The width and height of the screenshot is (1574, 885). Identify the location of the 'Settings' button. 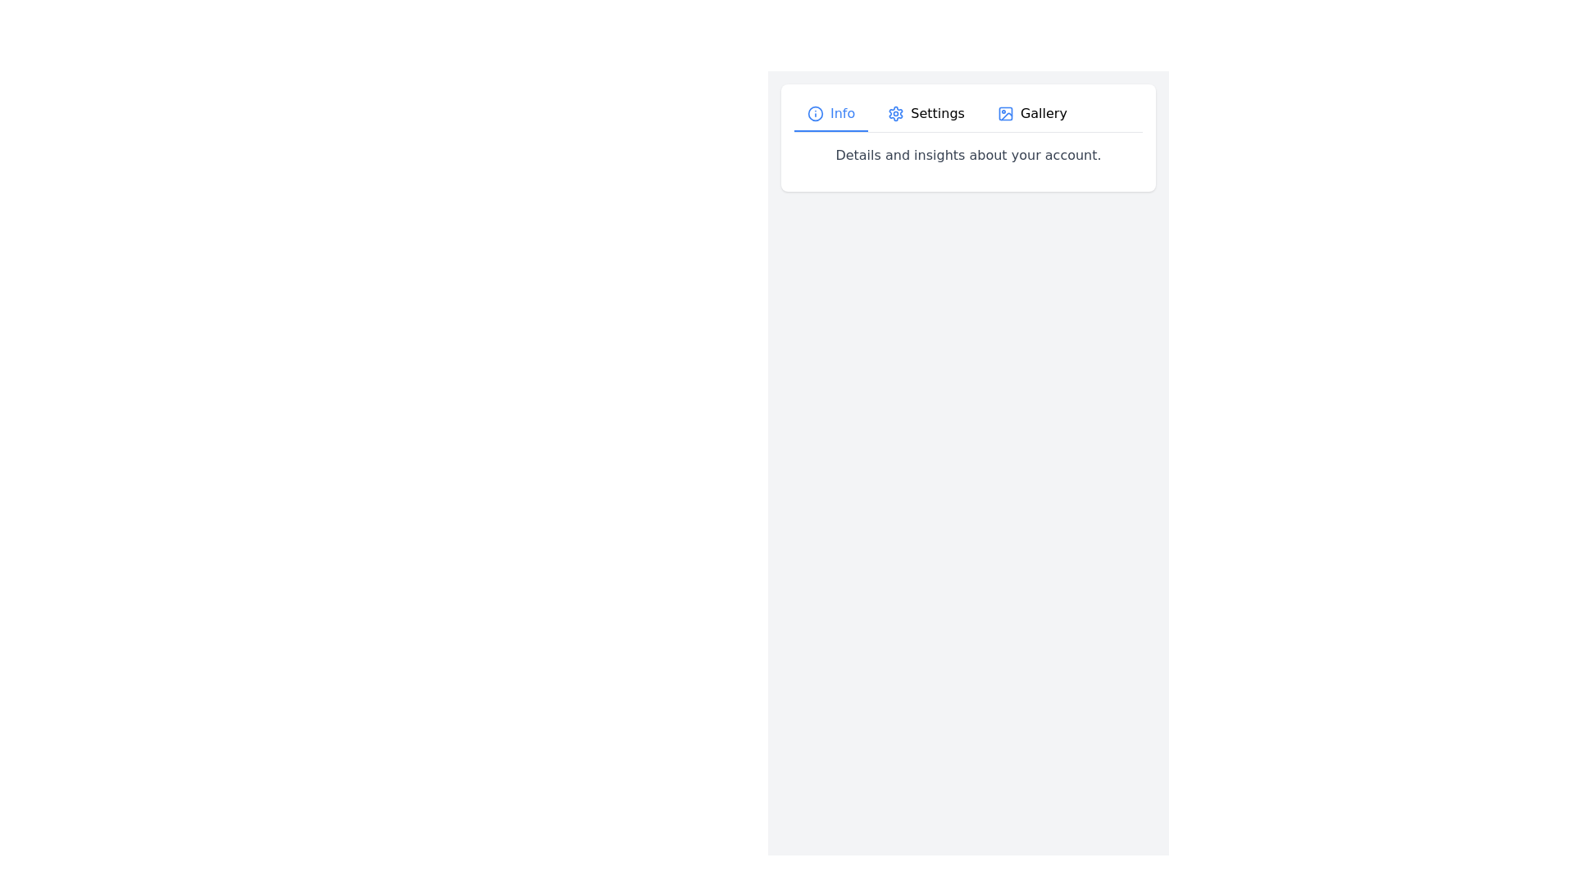
(926, 113).